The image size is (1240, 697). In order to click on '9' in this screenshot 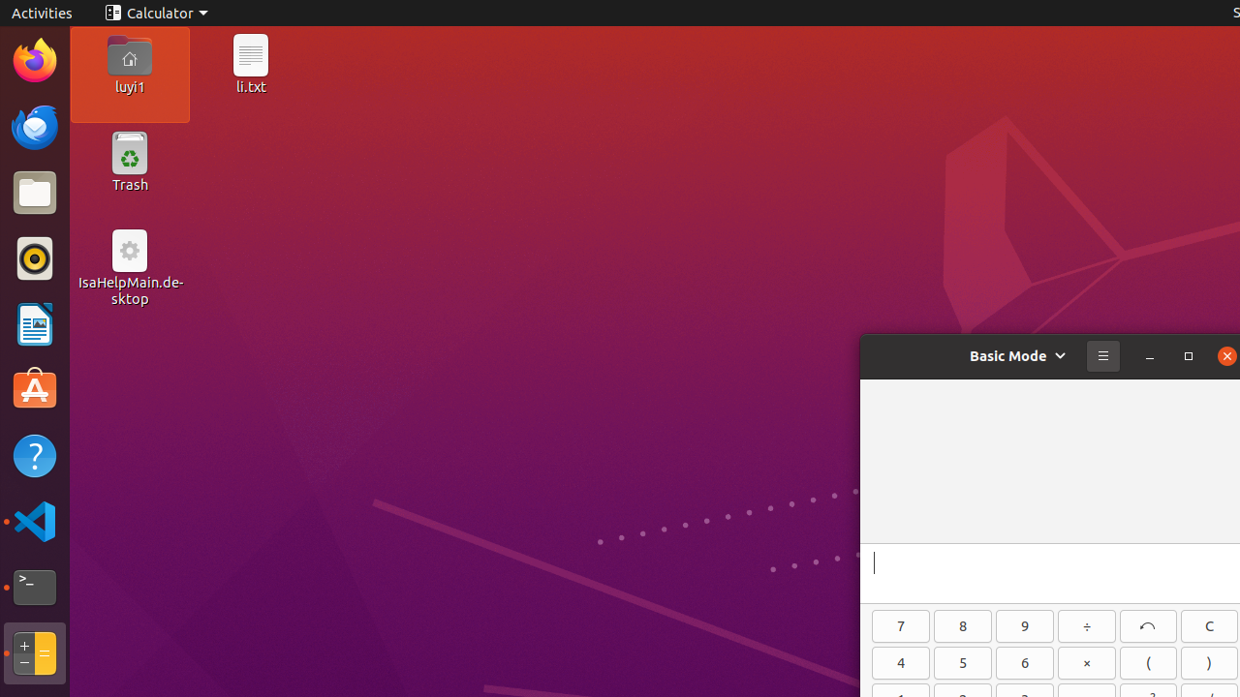, I will do `click(1024, 625)`.